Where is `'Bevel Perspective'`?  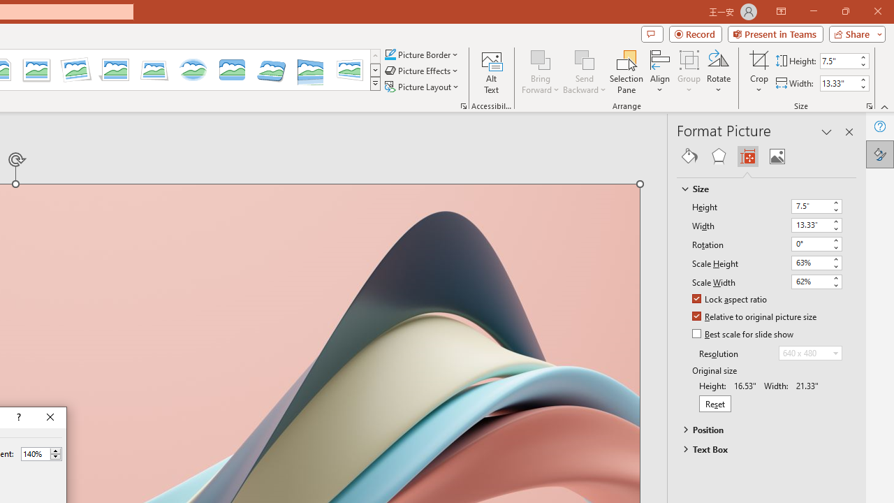
'Bevel Perspective' is located at coordinates (272, 70).